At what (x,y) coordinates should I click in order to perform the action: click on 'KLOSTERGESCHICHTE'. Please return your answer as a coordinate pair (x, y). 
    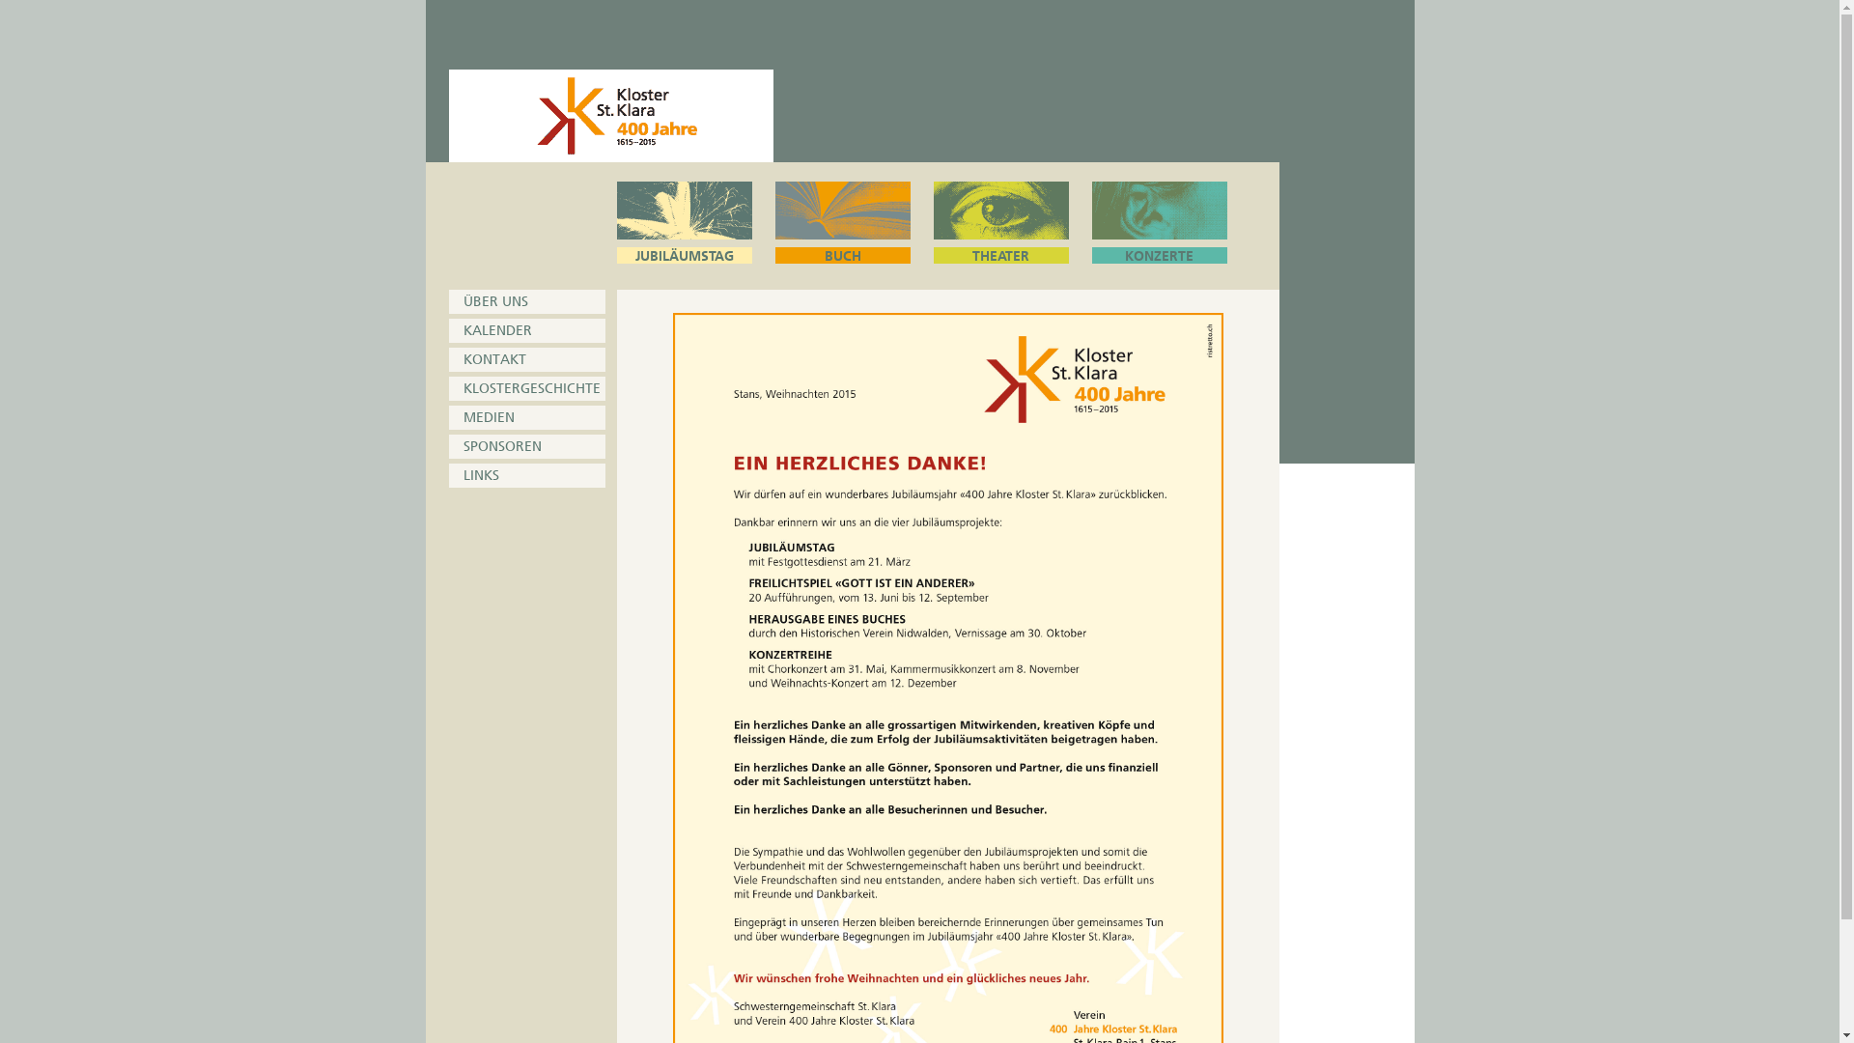
    Looking at the image, I should click on (526, 388).